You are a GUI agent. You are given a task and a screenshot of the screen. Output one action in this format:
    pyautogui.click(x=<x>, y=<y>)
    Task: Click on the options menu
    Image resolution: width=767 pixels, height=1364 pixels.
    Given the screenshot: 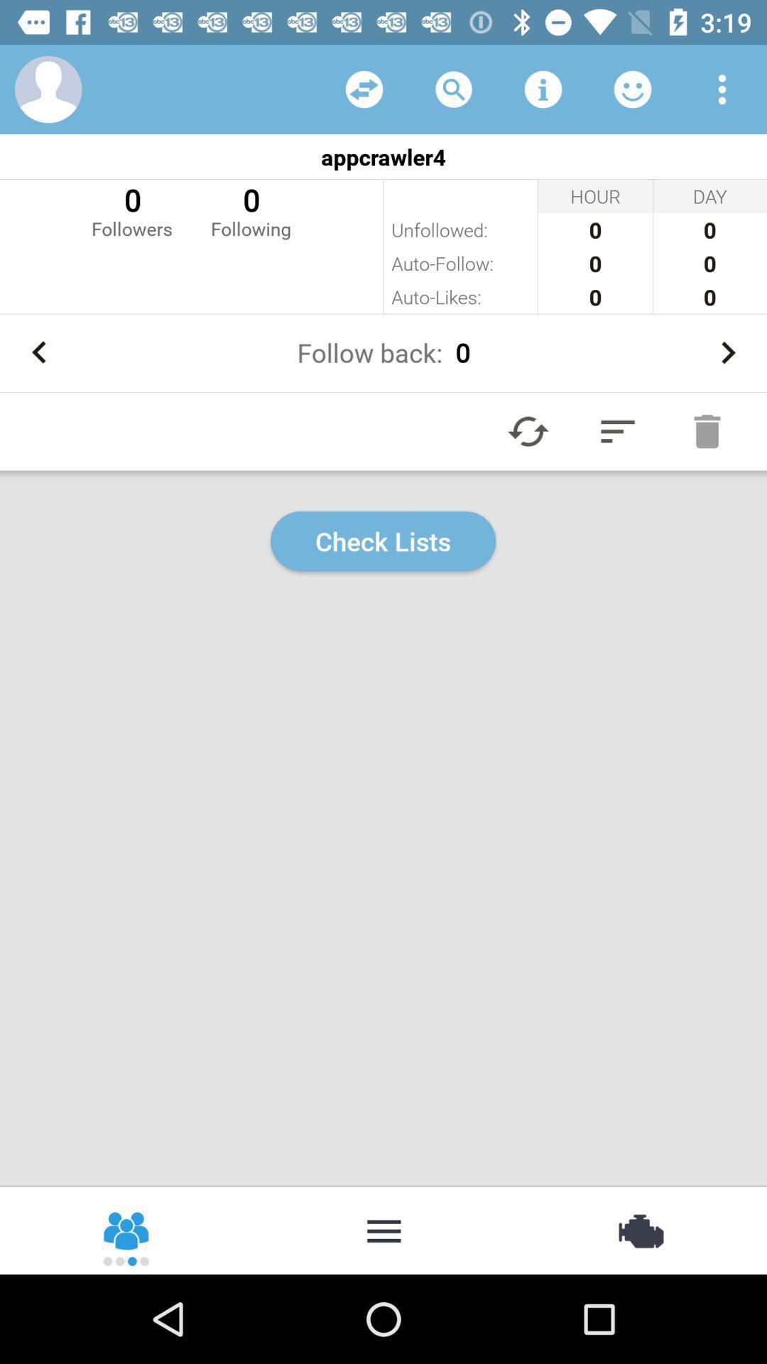 What is the action you would take?
    pyautogui.click(x=722, y=88)
    